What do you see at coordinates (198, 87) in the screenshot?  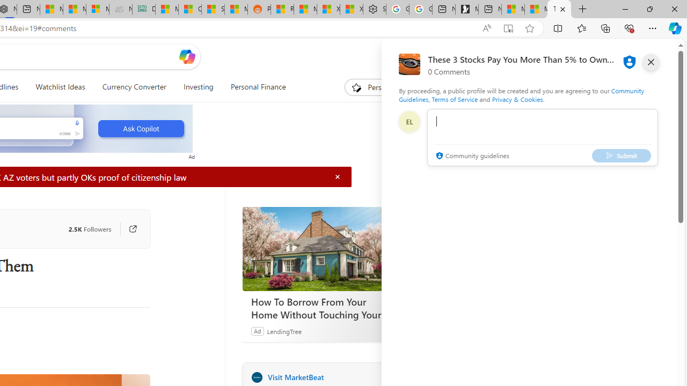 I see `'Investing'` at bounding box center [198, 87].